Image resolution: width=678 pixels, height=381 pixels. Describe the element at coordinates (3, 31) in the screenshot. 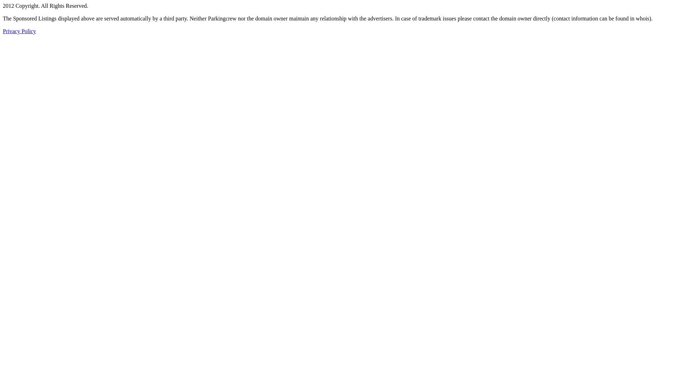

I see `'Privacy Policy'` at that location.